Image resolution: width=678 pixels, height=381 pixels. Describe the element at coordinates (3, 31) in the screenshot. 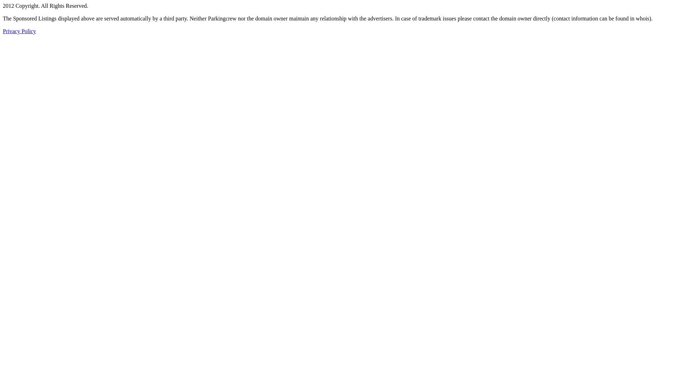

I see `'Privacy Policy'` at that location.